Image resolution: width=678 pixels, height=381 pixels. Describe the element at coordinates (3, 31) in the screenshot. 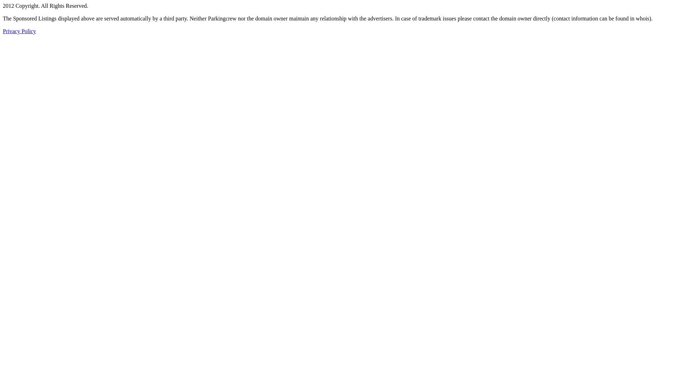

I see `'Privacy Policy'` at that location.